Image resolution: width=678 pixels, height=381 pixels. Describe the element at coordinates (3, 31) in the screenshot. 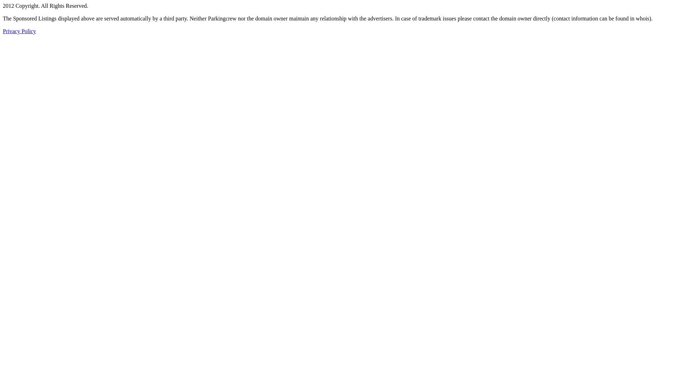

I see `'Privacy Policy'` at that location.